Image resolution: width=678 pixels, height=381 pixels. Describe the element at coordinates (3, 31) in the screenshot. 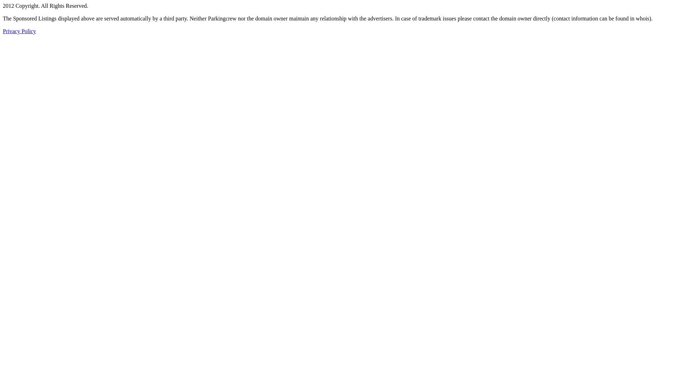

I see `'Privacy Policy'` at that location.